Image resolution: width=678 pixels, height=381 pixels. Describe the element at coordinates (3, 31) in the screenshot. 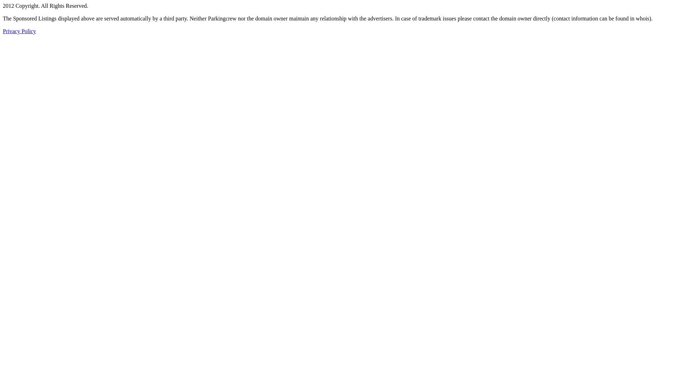

I see `'Privacy Policy'` at that location.